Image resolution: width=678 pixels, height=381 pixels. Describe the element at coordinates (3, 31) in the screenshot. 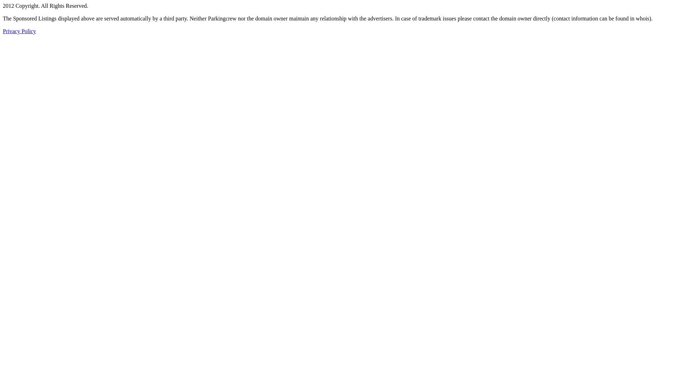

I see `'Privacy Policy'` at that location.